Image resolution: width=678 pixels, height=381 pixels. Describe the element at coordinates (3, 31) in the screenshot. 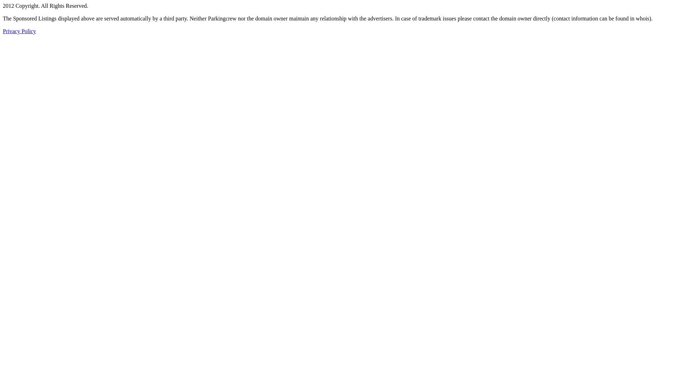

I see `'Privacy Policy'` at that location.